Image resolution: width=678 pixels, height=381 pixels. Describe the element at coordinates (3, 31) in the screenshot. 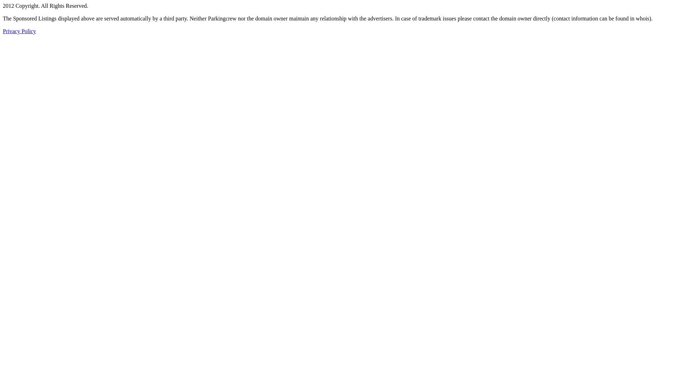

I see `'Privacy Policy'` at that location.